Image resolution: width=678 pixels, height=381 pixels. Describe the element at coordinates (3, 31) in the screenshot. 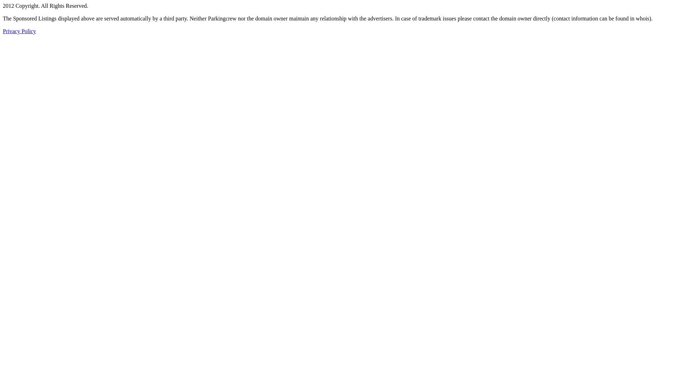

I see `'Privacy Policy'` at that location.